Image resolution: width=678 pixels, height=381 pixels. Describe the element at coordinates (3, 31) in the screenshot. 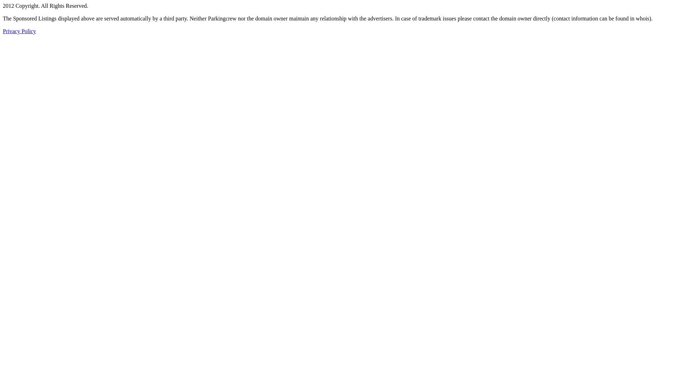

I see `'Privacy Policy'` at that location.